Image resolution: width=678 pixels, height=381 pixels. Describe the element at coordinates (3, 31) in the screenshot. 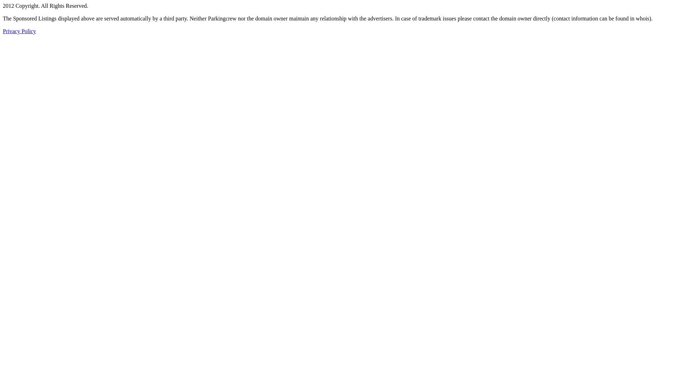

I see `'Privacy Policy'` at that location.